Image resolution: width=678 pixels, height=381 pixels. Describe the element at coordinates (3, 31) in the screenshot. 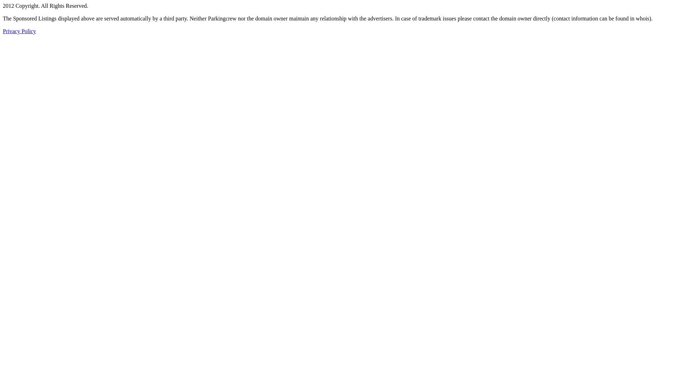

I see `'Privacy Policy'` at that location.